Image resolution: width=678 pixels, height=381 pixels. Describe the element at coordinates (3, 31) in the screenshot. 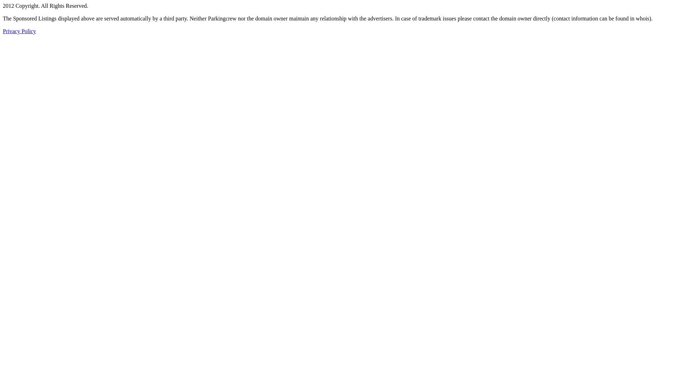

I see `'Privacy Policy'` at that location.